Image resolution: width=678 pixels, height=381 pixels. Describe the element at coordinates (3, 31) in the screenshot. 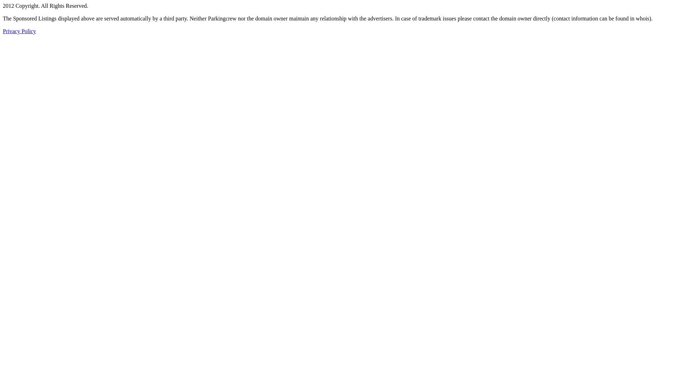

I see `'Privacy Policy'` at that location.